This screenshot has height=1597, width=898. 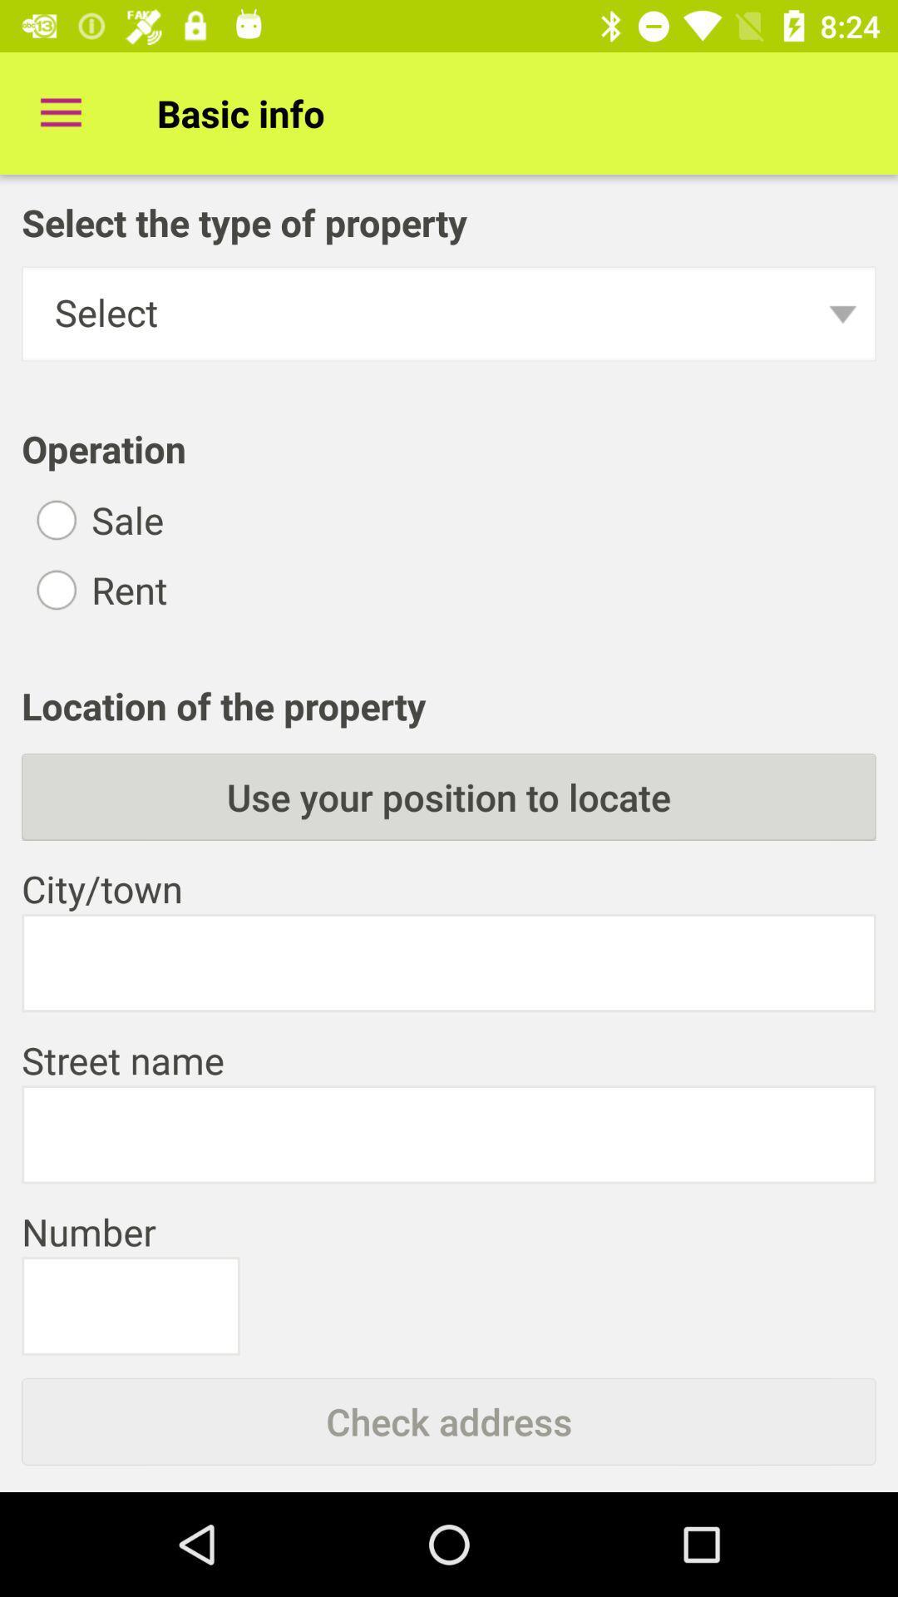 What do you see at coordinates (449, 1134) in the screenshot?
I see `text field` at bounding box center [449, 1134].